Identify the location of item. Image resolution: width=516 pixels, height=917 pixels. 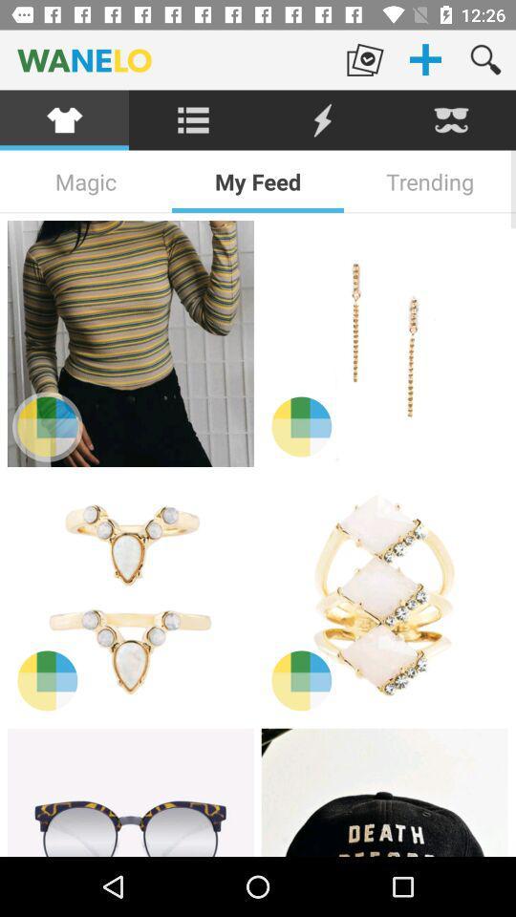
(384, 596).